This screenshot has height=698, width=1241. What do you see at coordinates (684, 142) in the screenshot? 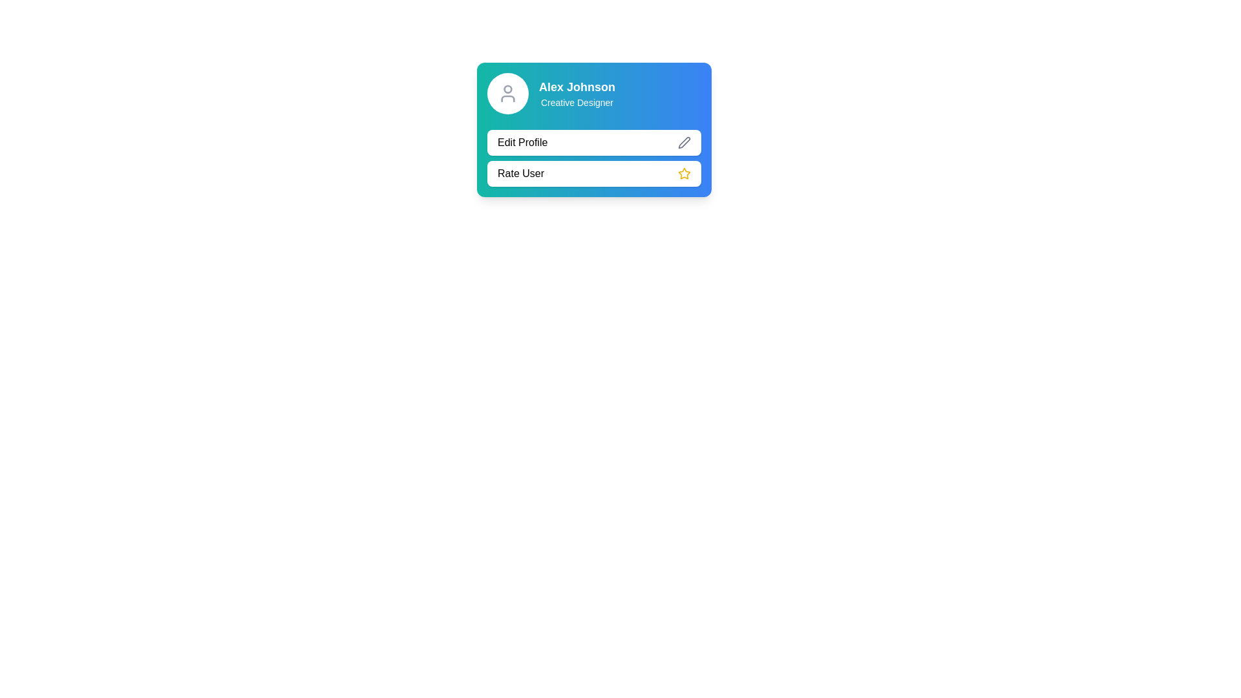
I see `the gray pen icon located at the top-right corner of the 'Edit Profile' button, adjacent to the text label` at bounding box center [684, 142].